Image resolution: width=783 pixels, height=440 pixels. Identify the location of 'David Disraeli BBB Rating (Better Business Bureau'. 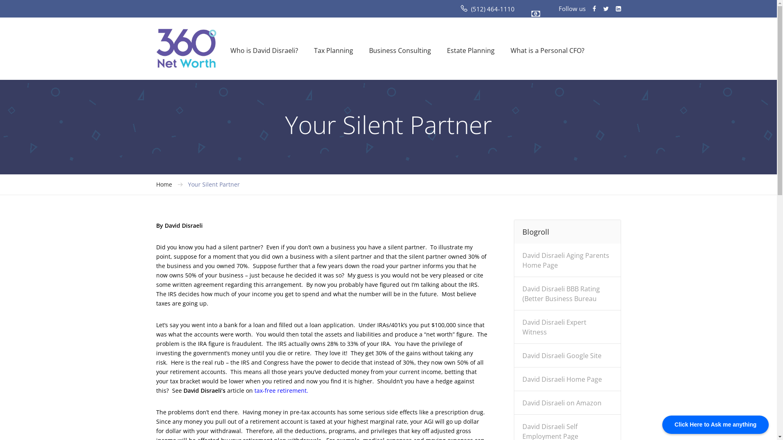
(561, 297).